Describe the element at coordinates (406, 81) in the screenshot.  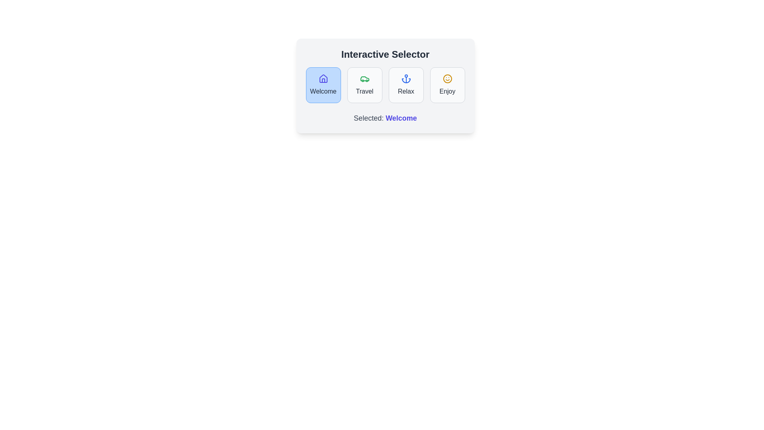
I see `the 'Relax' icon, which is a decorative vector graphic in the SVG, located to the right of the 'Welcome' icon` at that location.